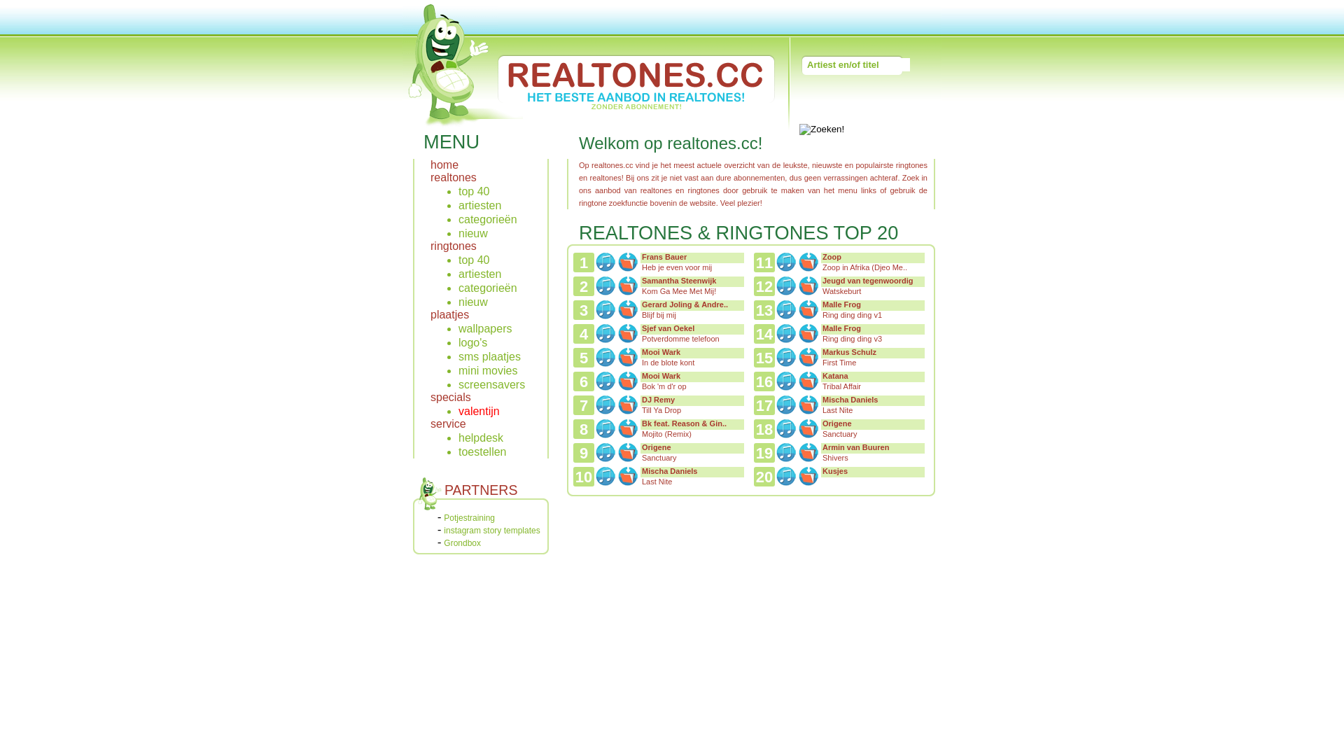 The height and width of the screenshot is (756, 1344). I want to click on 'Markus Schulz', so click(848, 351).